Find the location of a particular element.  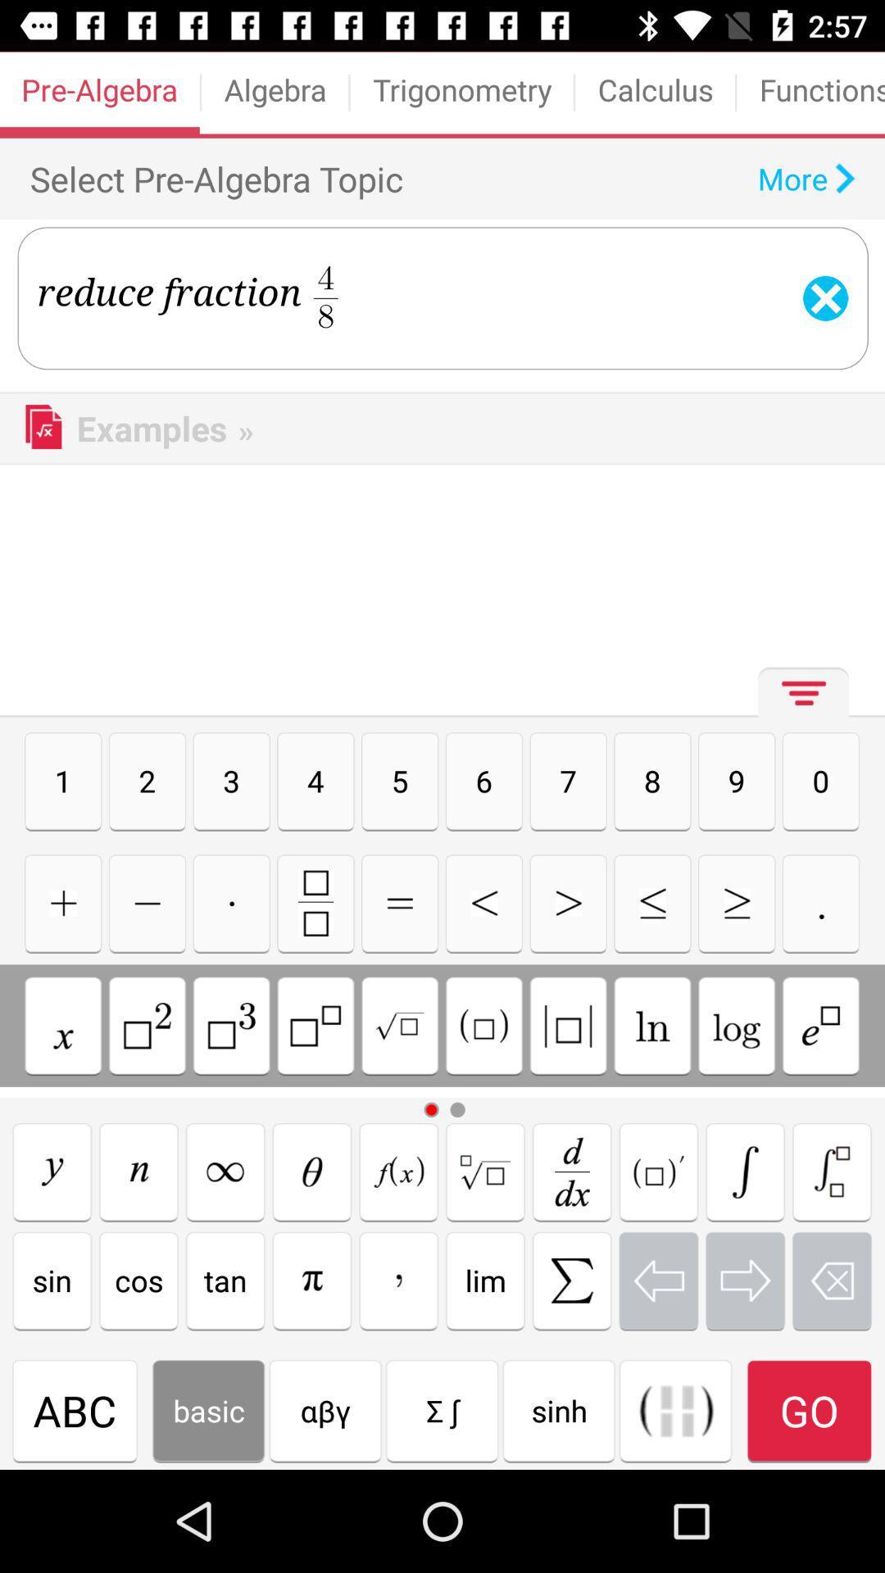

go forward is located at coordinates (567, 902).